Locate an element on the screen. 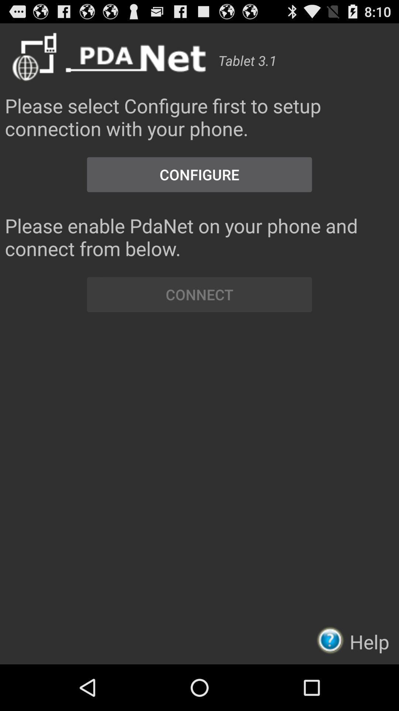  the help icon is located at coordinates (332, 684).